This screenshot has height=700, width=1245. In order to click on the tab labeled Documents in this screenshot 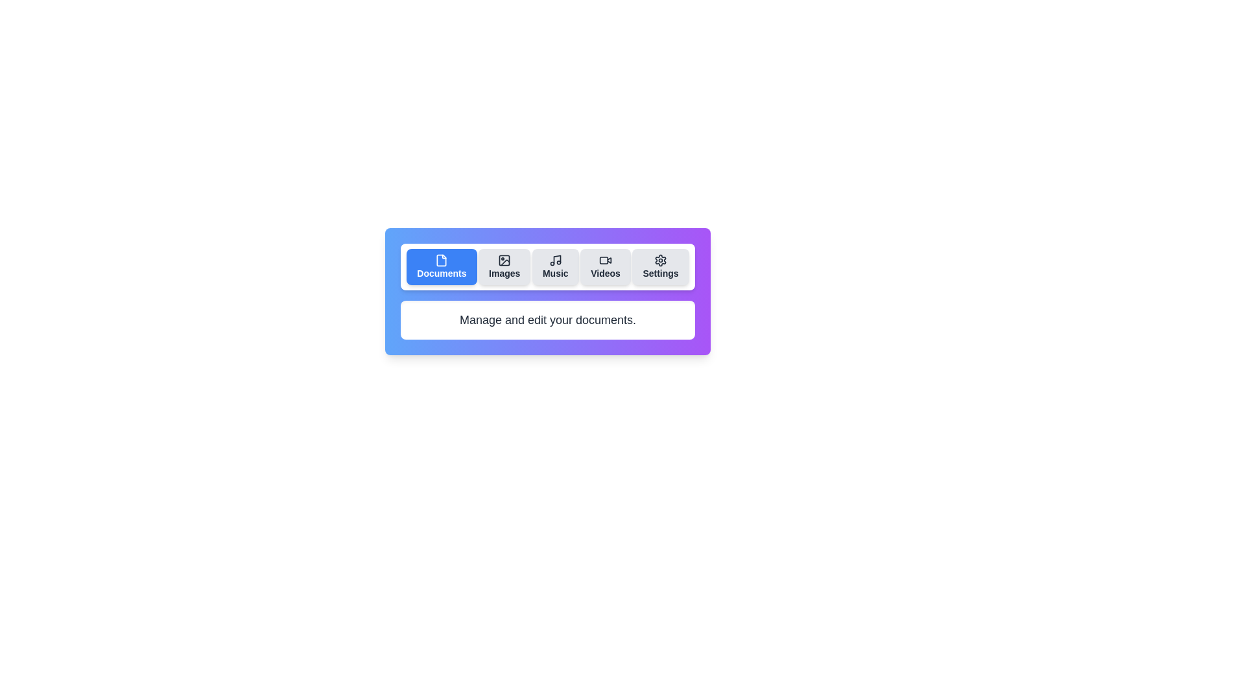, I will do `click(442, 266)`.